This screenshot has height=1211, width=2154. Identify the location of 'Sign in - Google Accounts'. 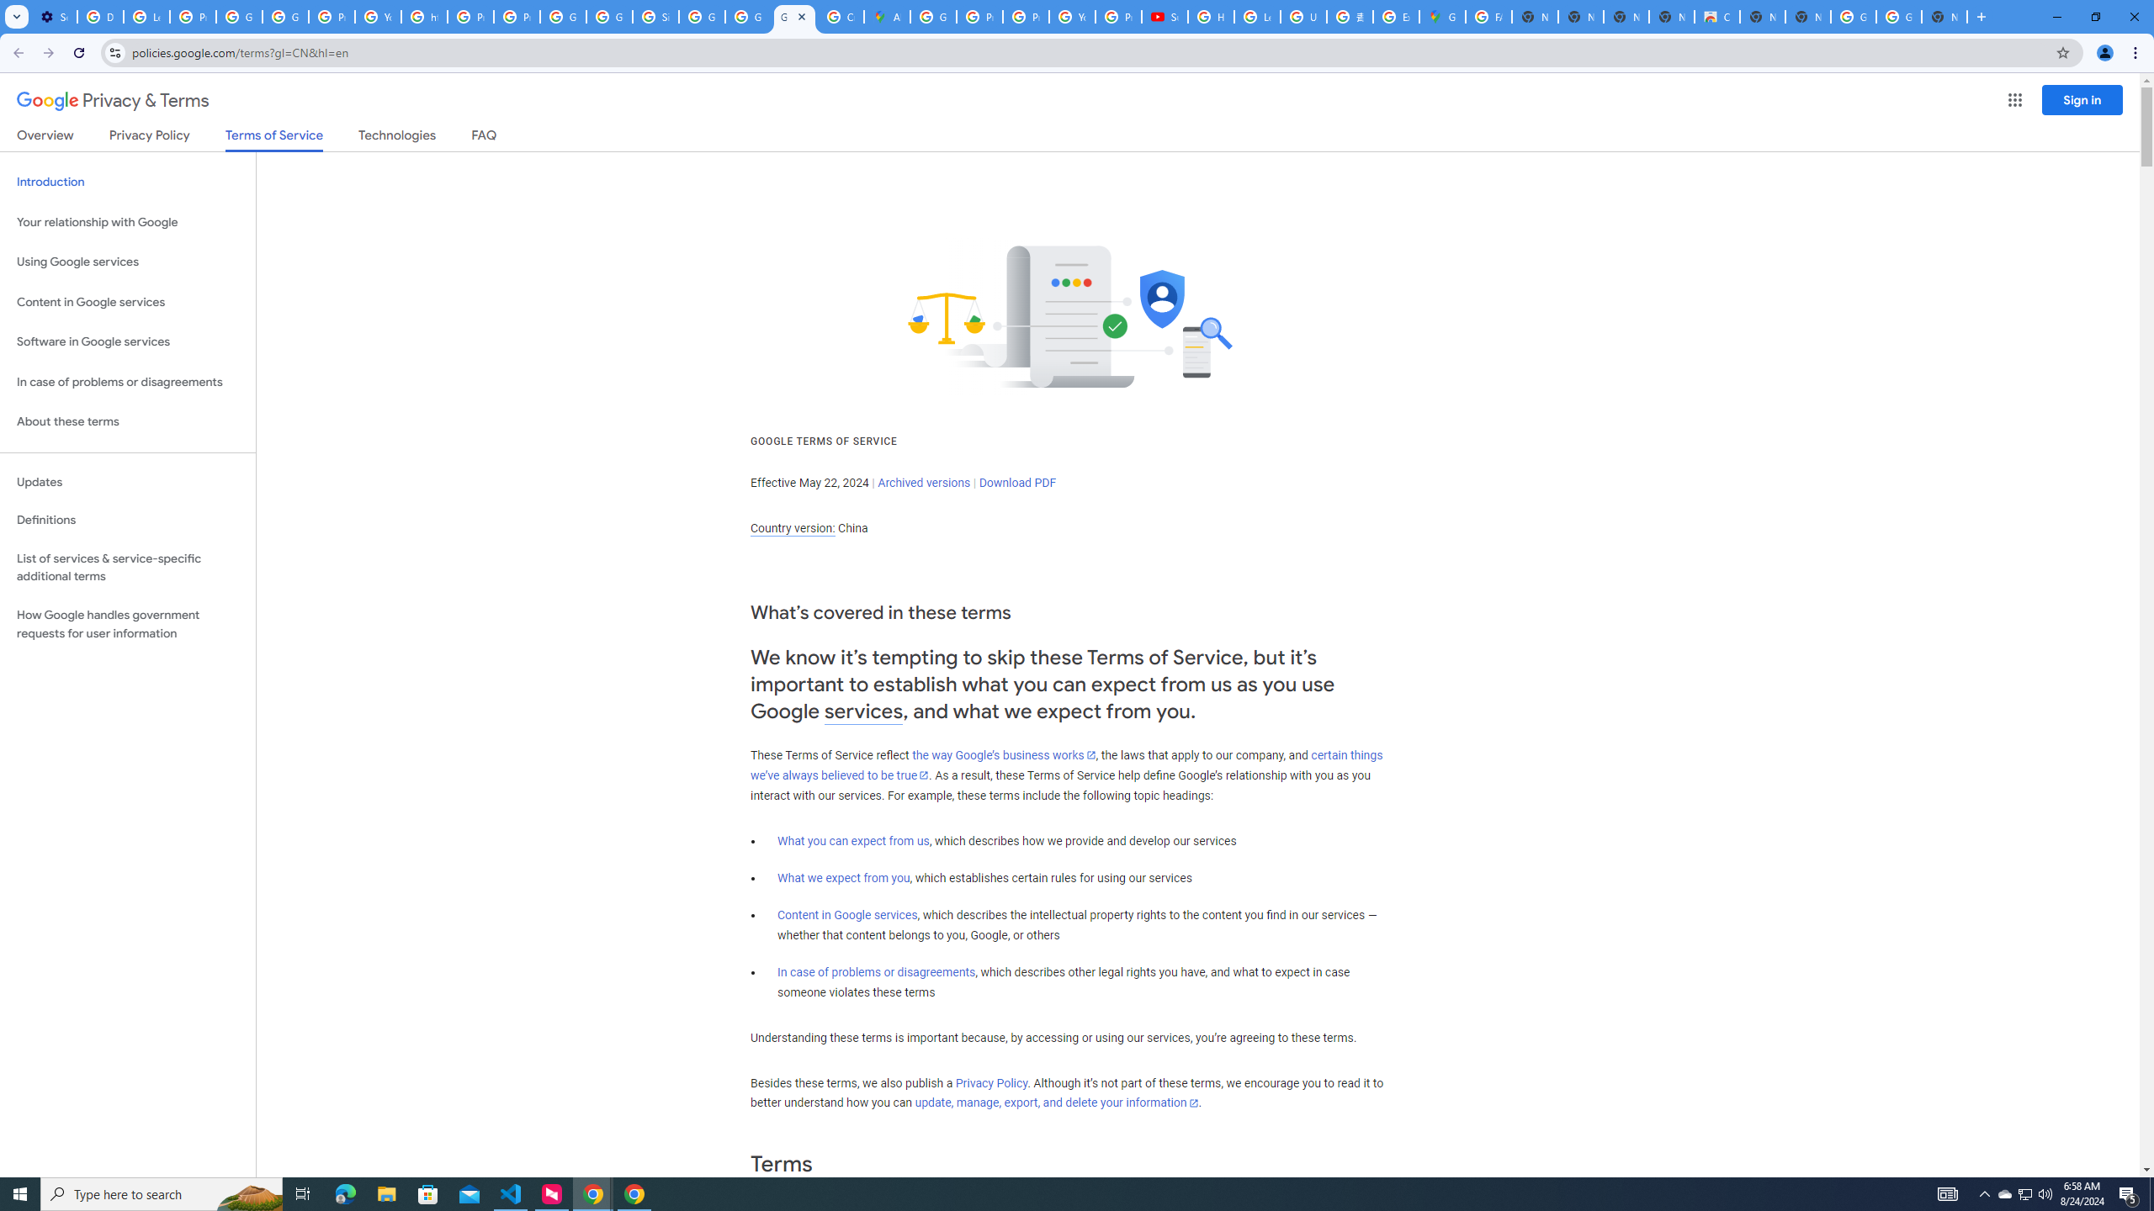
(655, 16).